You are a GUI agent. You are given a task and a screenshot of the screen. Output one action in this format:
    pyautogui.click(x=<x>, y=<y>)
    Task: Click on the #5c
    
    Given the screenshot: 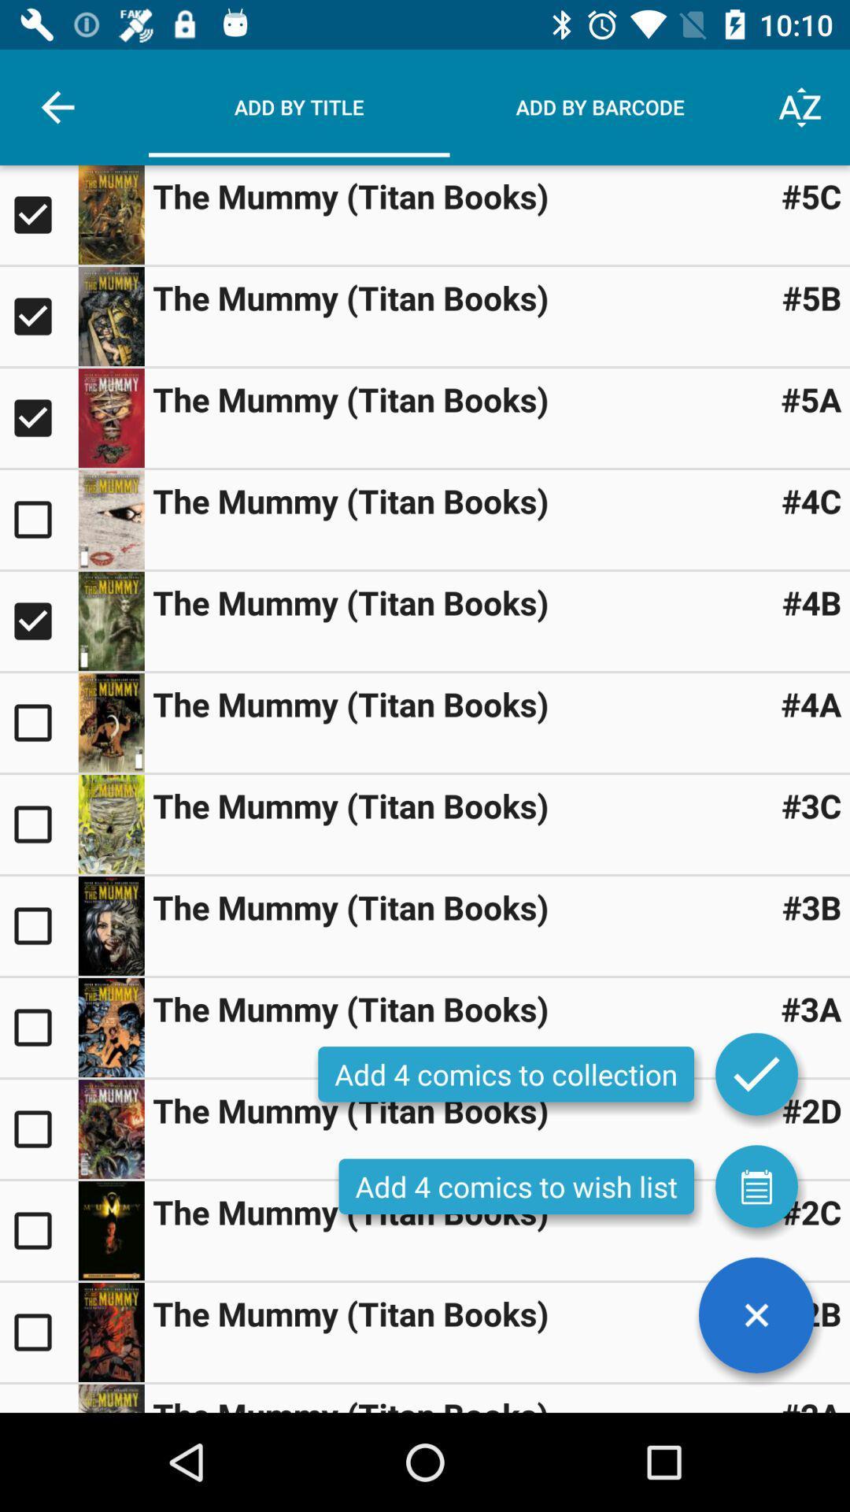 What is the action you would take?
    pyautogui.click(x=811, y=195)
    